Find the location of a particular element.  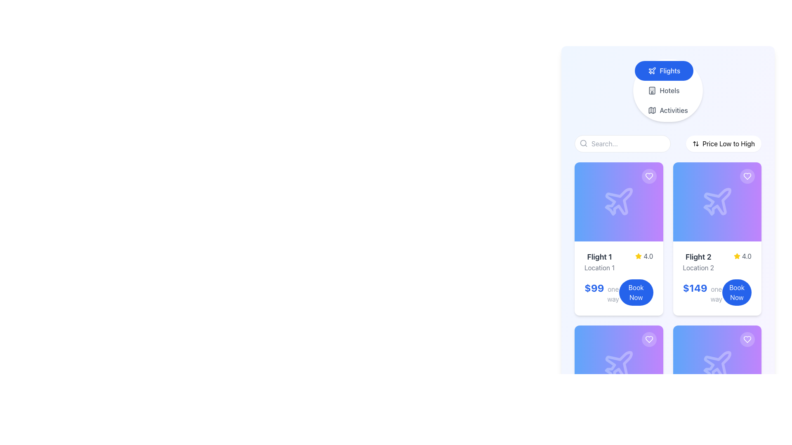

the heart icon in the top-right corner of the 'Flight 2' card to mark it as a favorite is located at coordinates (747, 176).